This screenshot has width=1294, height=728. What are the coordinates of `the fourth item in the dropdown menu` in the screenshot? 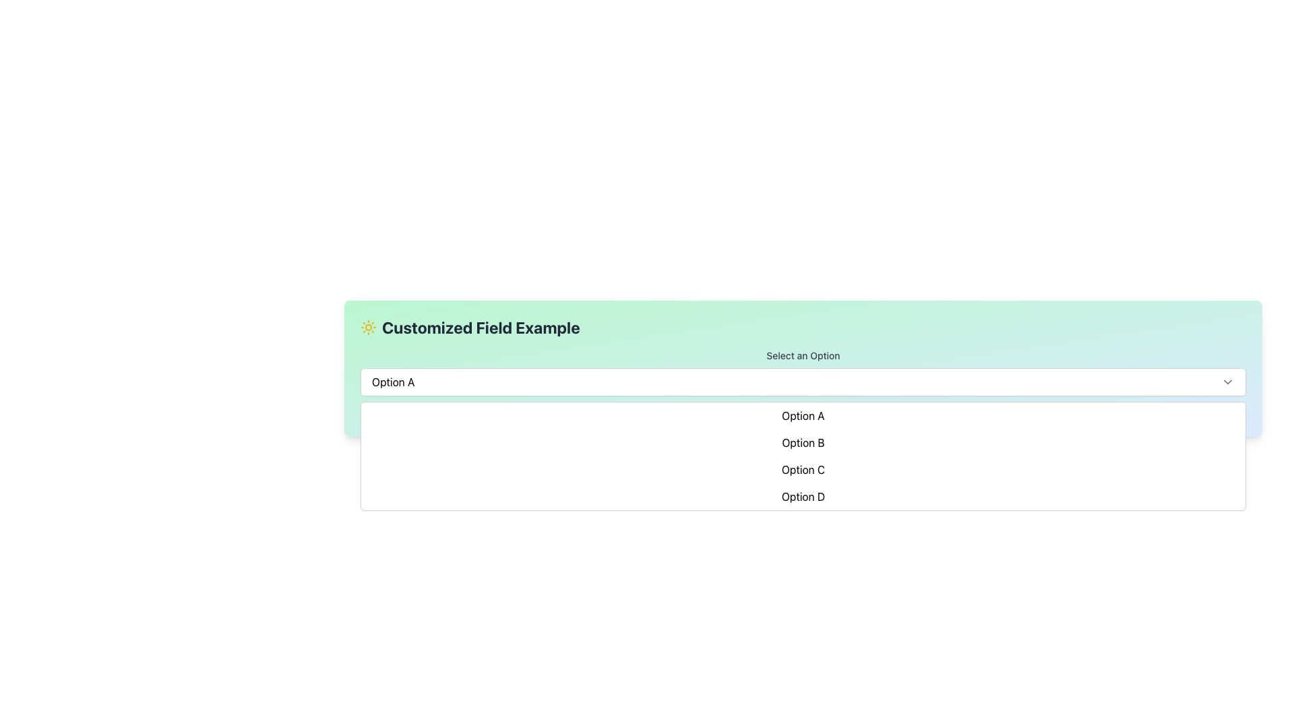 It's located at (803, 496).